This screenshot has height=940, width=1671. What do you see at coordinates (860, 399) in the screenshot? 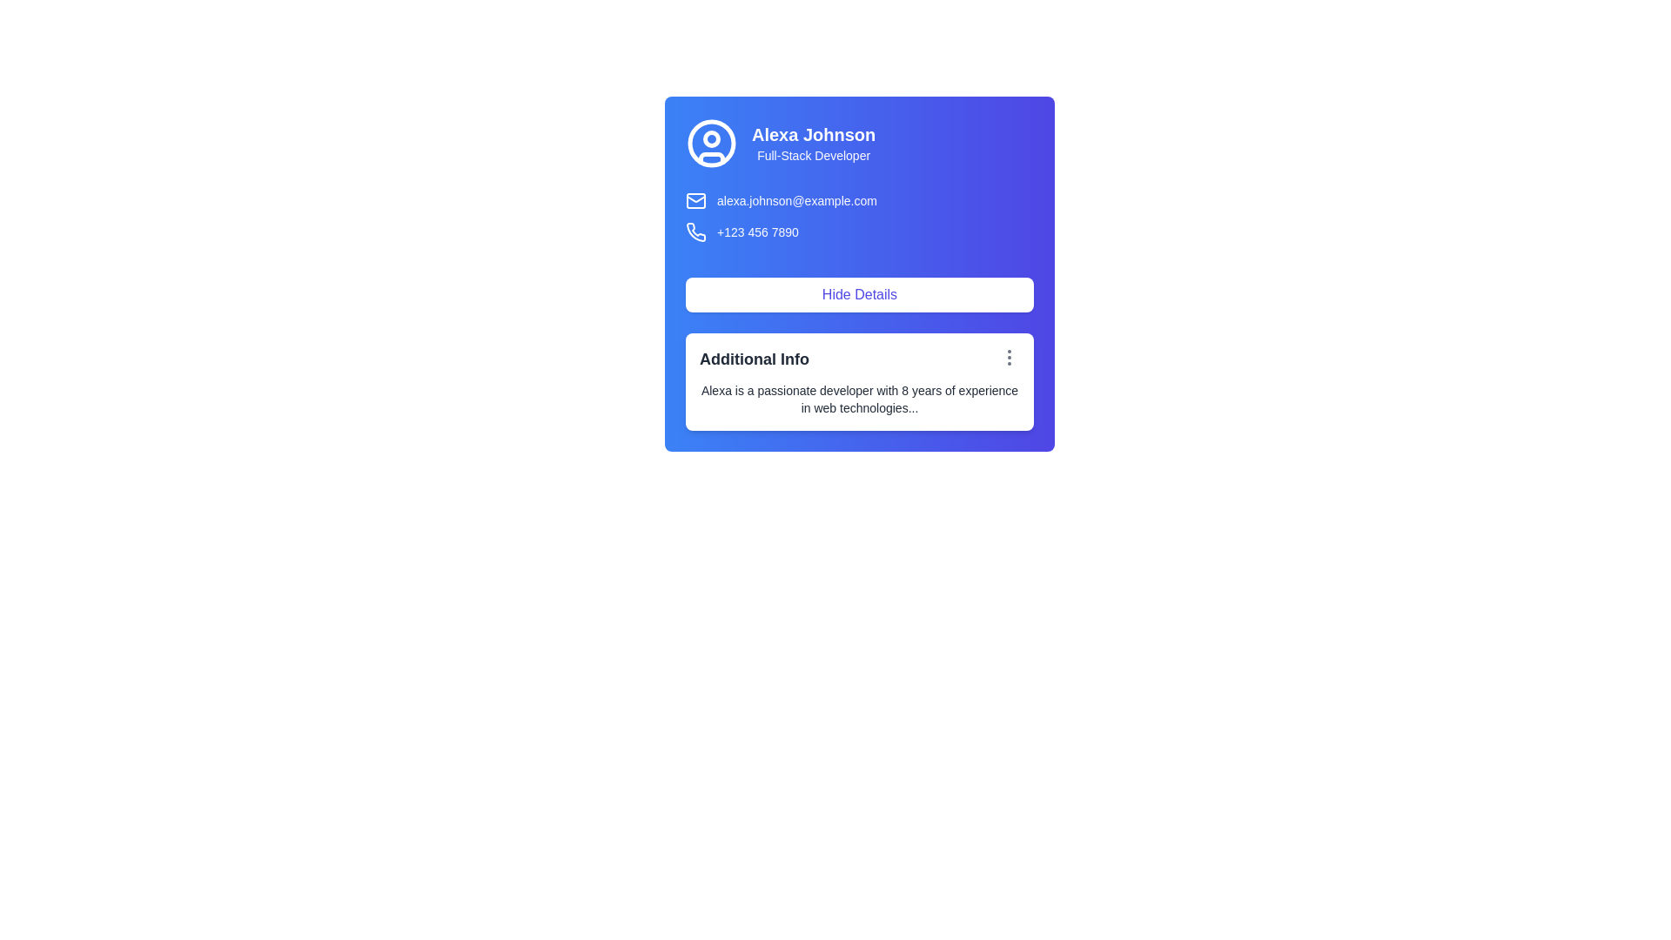
I see `the second content block in the 'Additional Info' section, which provides details about Alexa's professional background and skills` at bounding box center [860, 399].